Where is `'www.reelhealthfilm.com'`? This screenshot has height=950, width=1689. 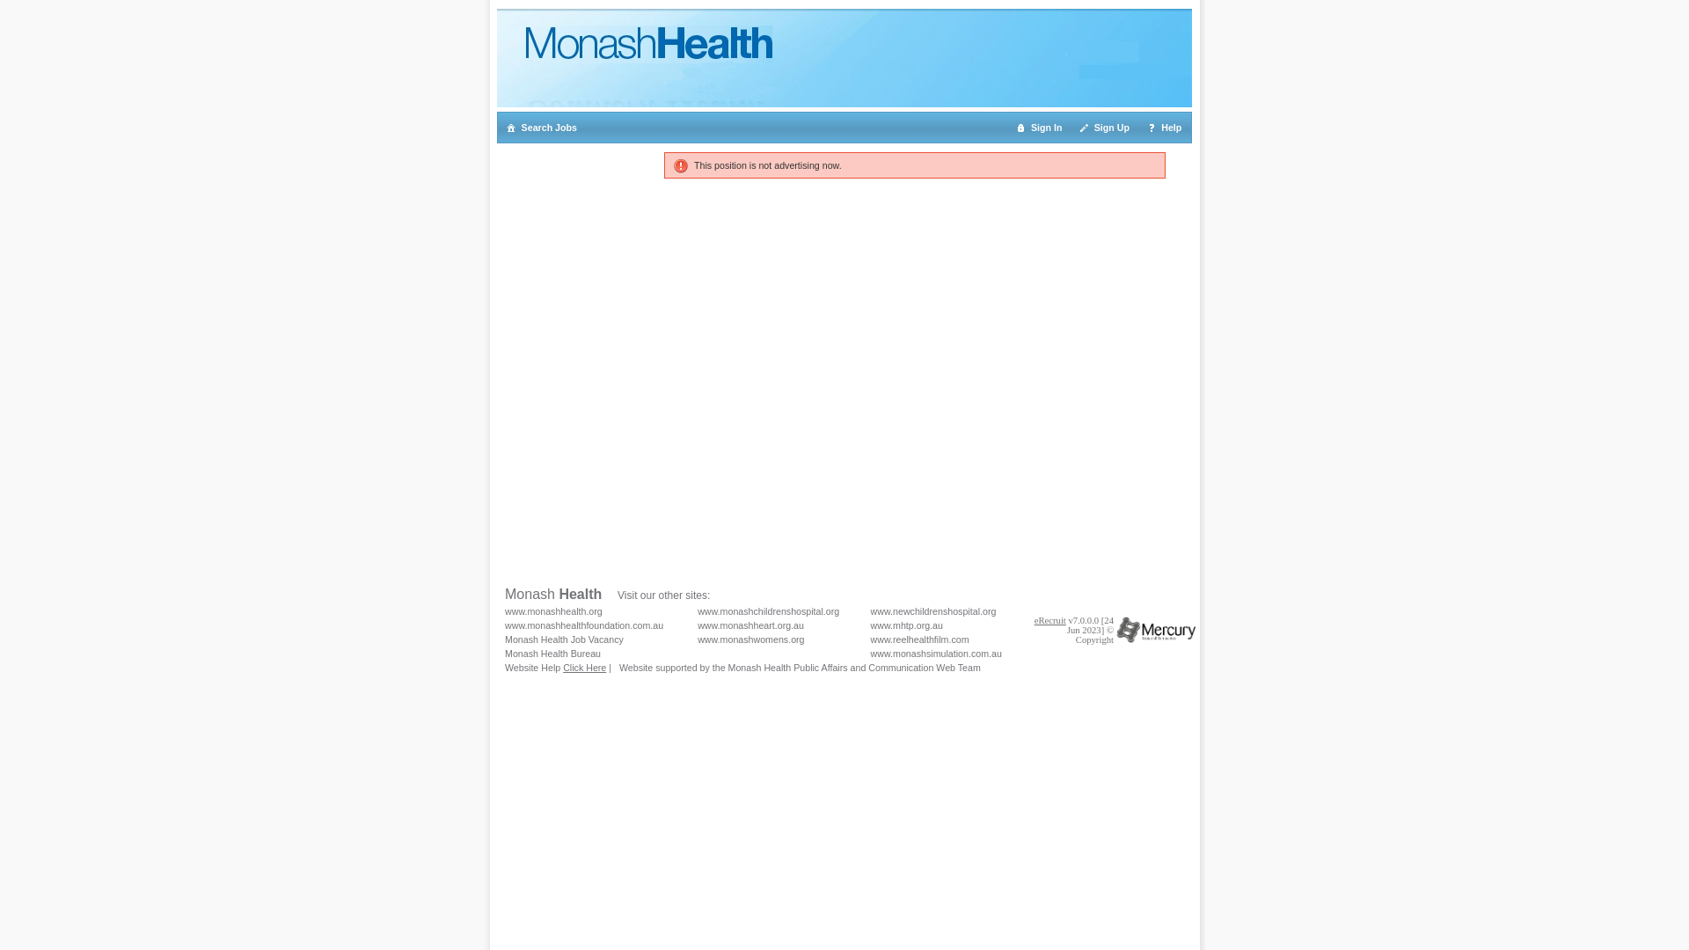 'www.reelhealthfilm.com' is located at coordinates (919, 639).